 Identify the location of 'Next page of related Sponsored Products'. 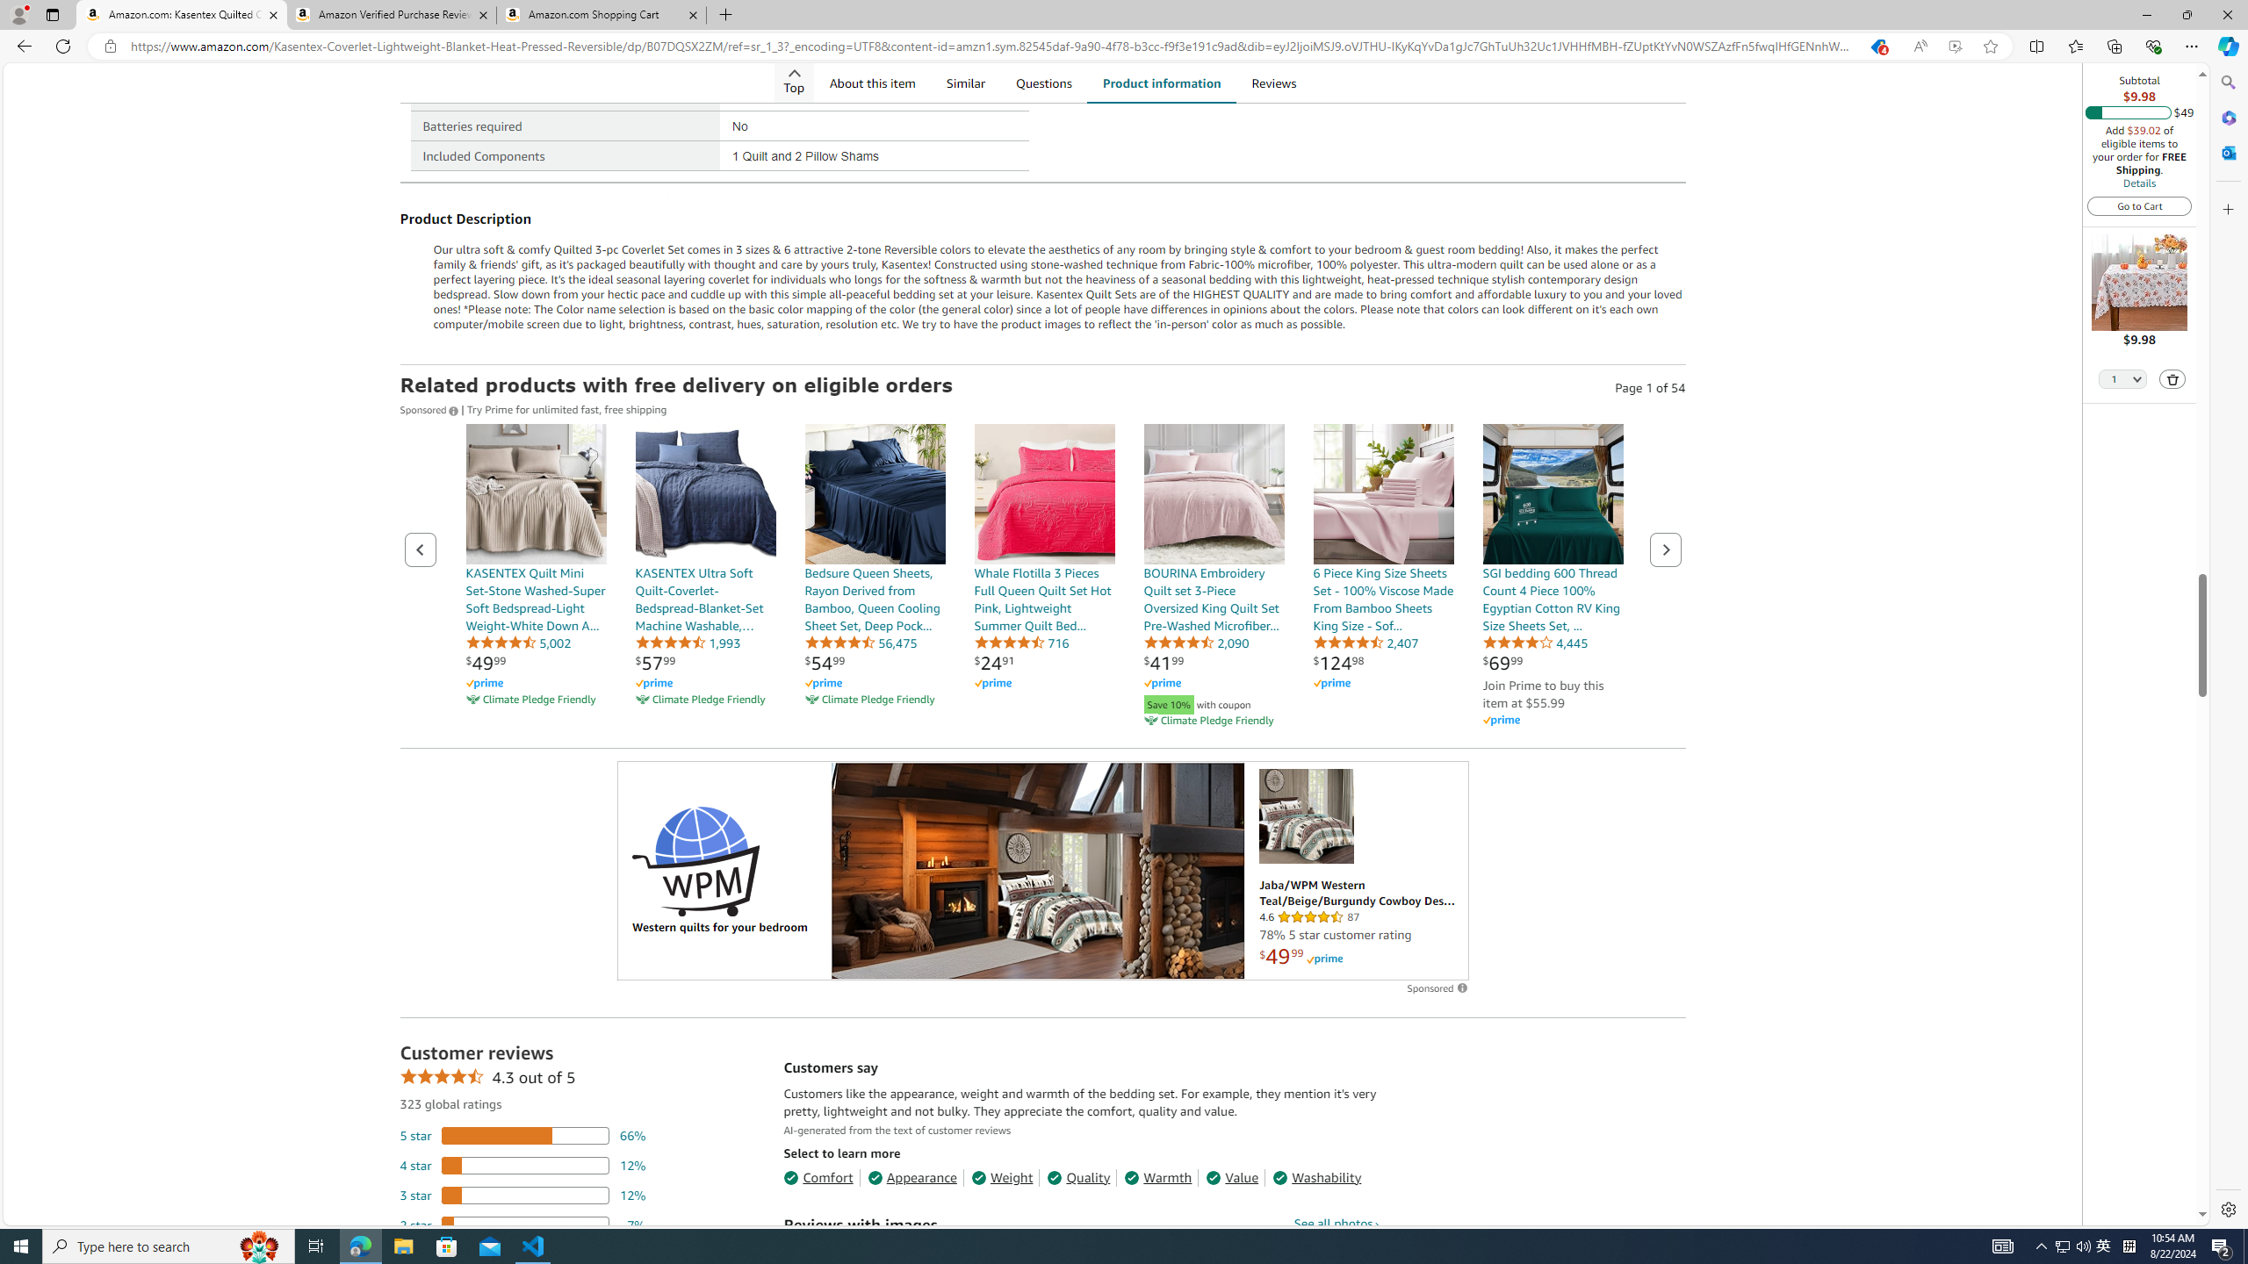
(1664, 549).